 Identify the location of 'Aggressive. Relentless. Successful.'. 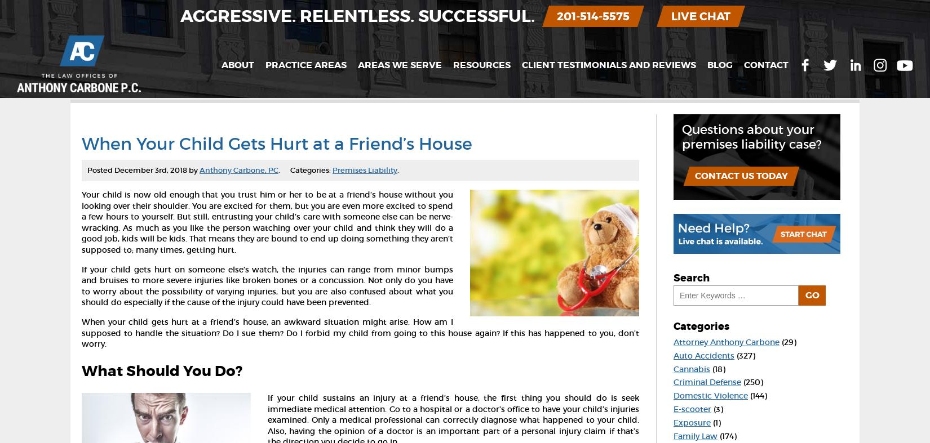
(356, 15).